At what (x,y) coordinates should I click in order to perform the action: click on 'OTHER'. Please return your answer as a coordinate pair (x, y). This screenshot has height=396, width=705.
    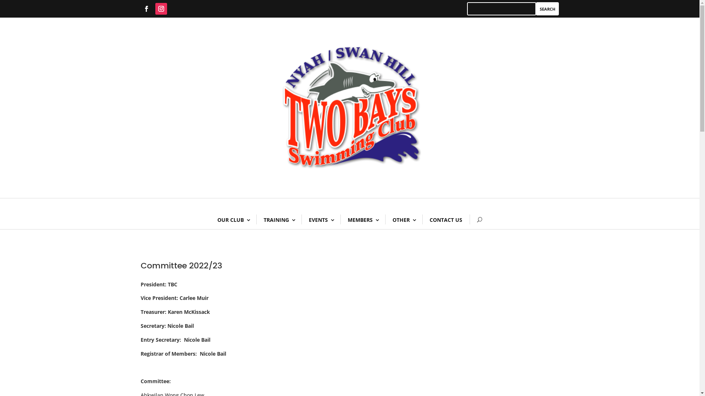
    Looking at the image, I should click on (403, 219).